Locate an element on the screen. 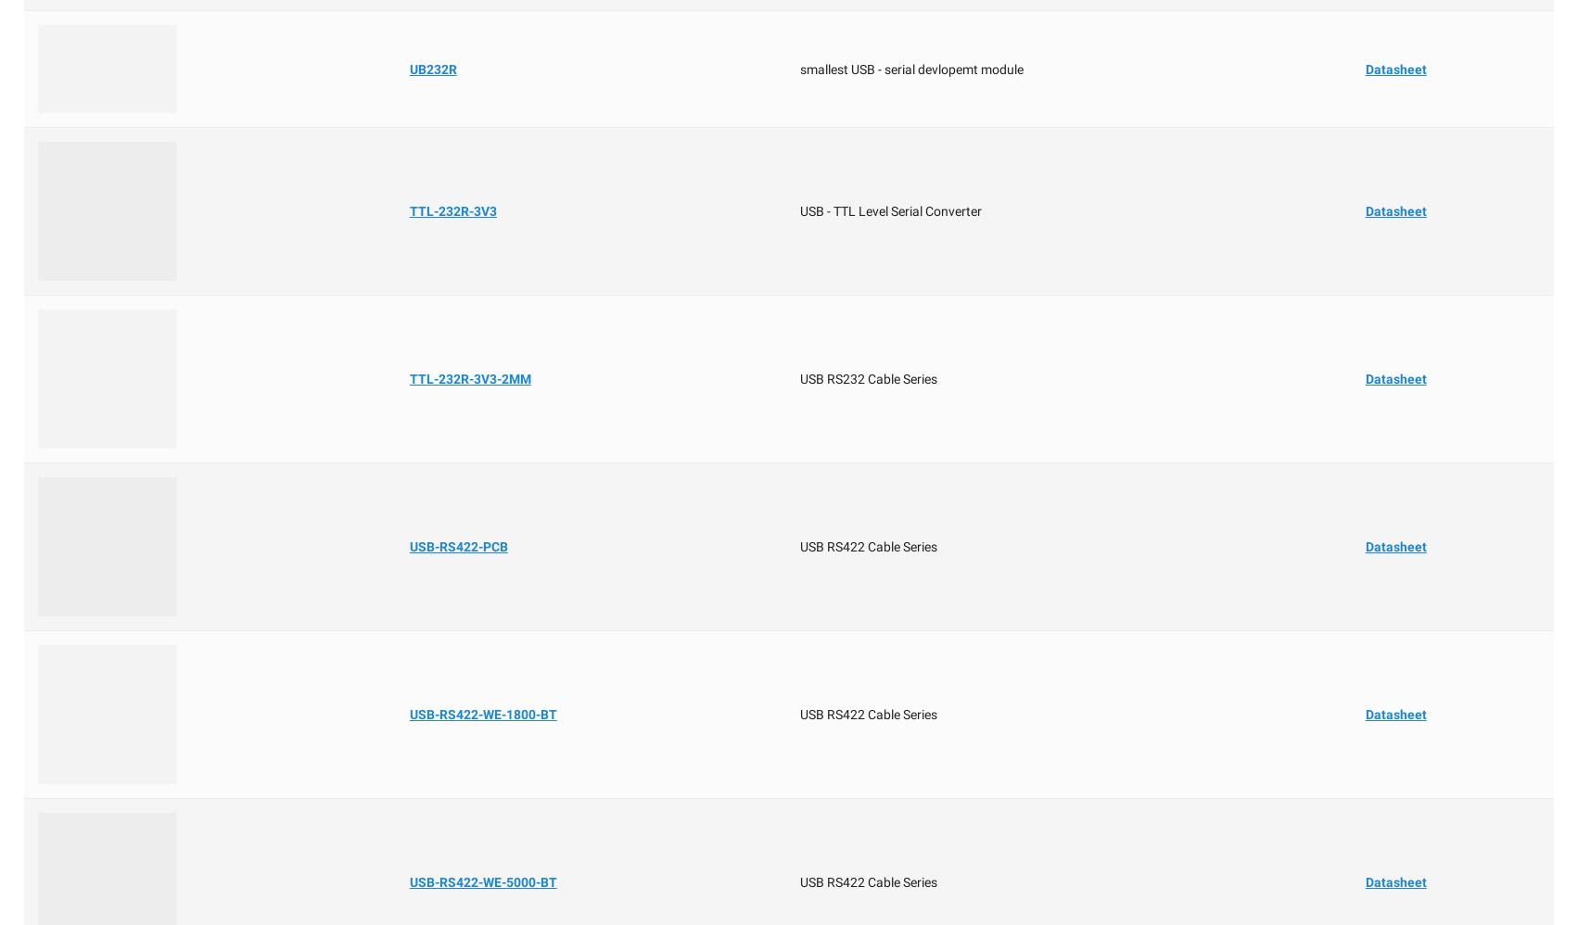 Image resolution: width=1578 pixels, height=925 pixels. 'smallest USB - serial  devlopemt module' is located at coordinates (911, 67).